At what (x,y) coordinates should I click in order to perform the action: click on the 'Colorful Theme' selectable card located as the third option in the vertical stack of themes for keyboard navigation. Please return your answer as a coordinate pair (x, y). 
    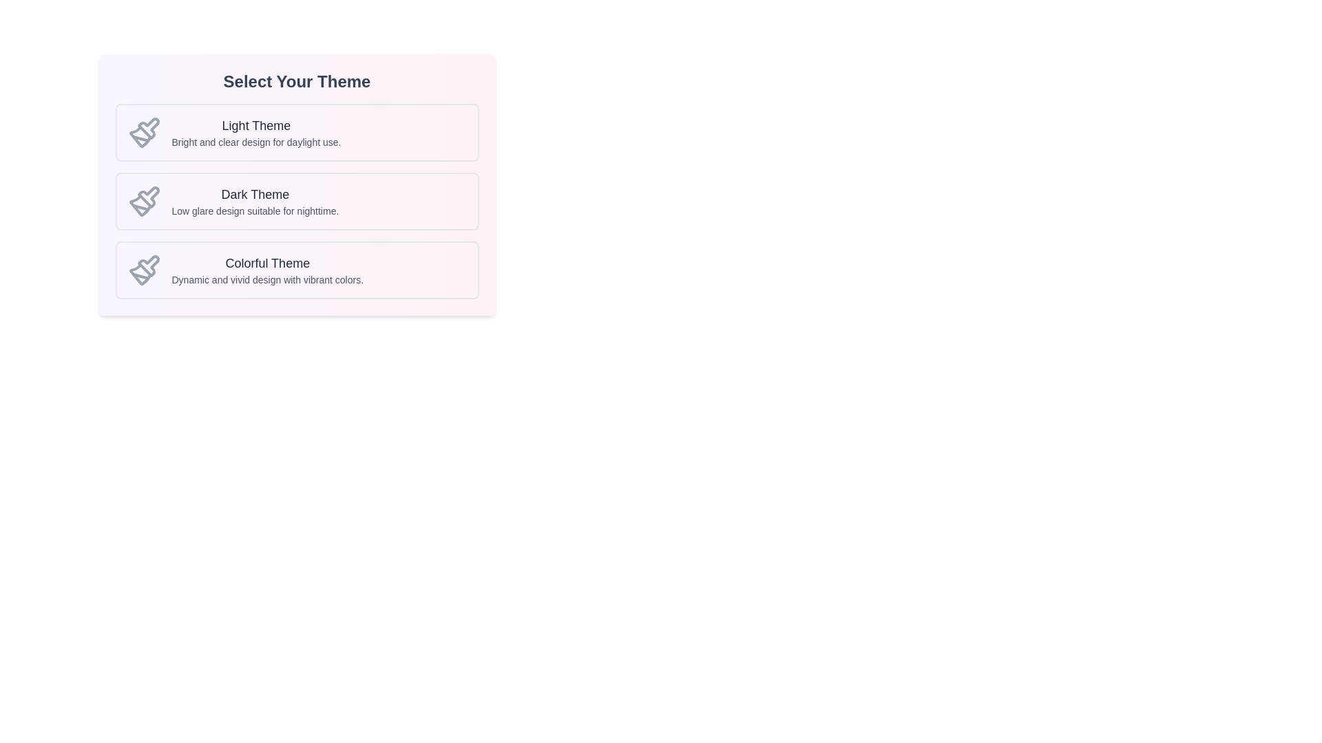
    Looking at the image, I should click on (296, 270).